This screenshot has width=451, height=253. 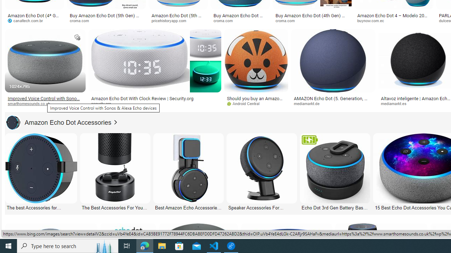 What do you see at coordinates (59, 122) in the screenshot?
I see `'Amazon Echo Dot Accessories'` at bounding box center [59, 122].